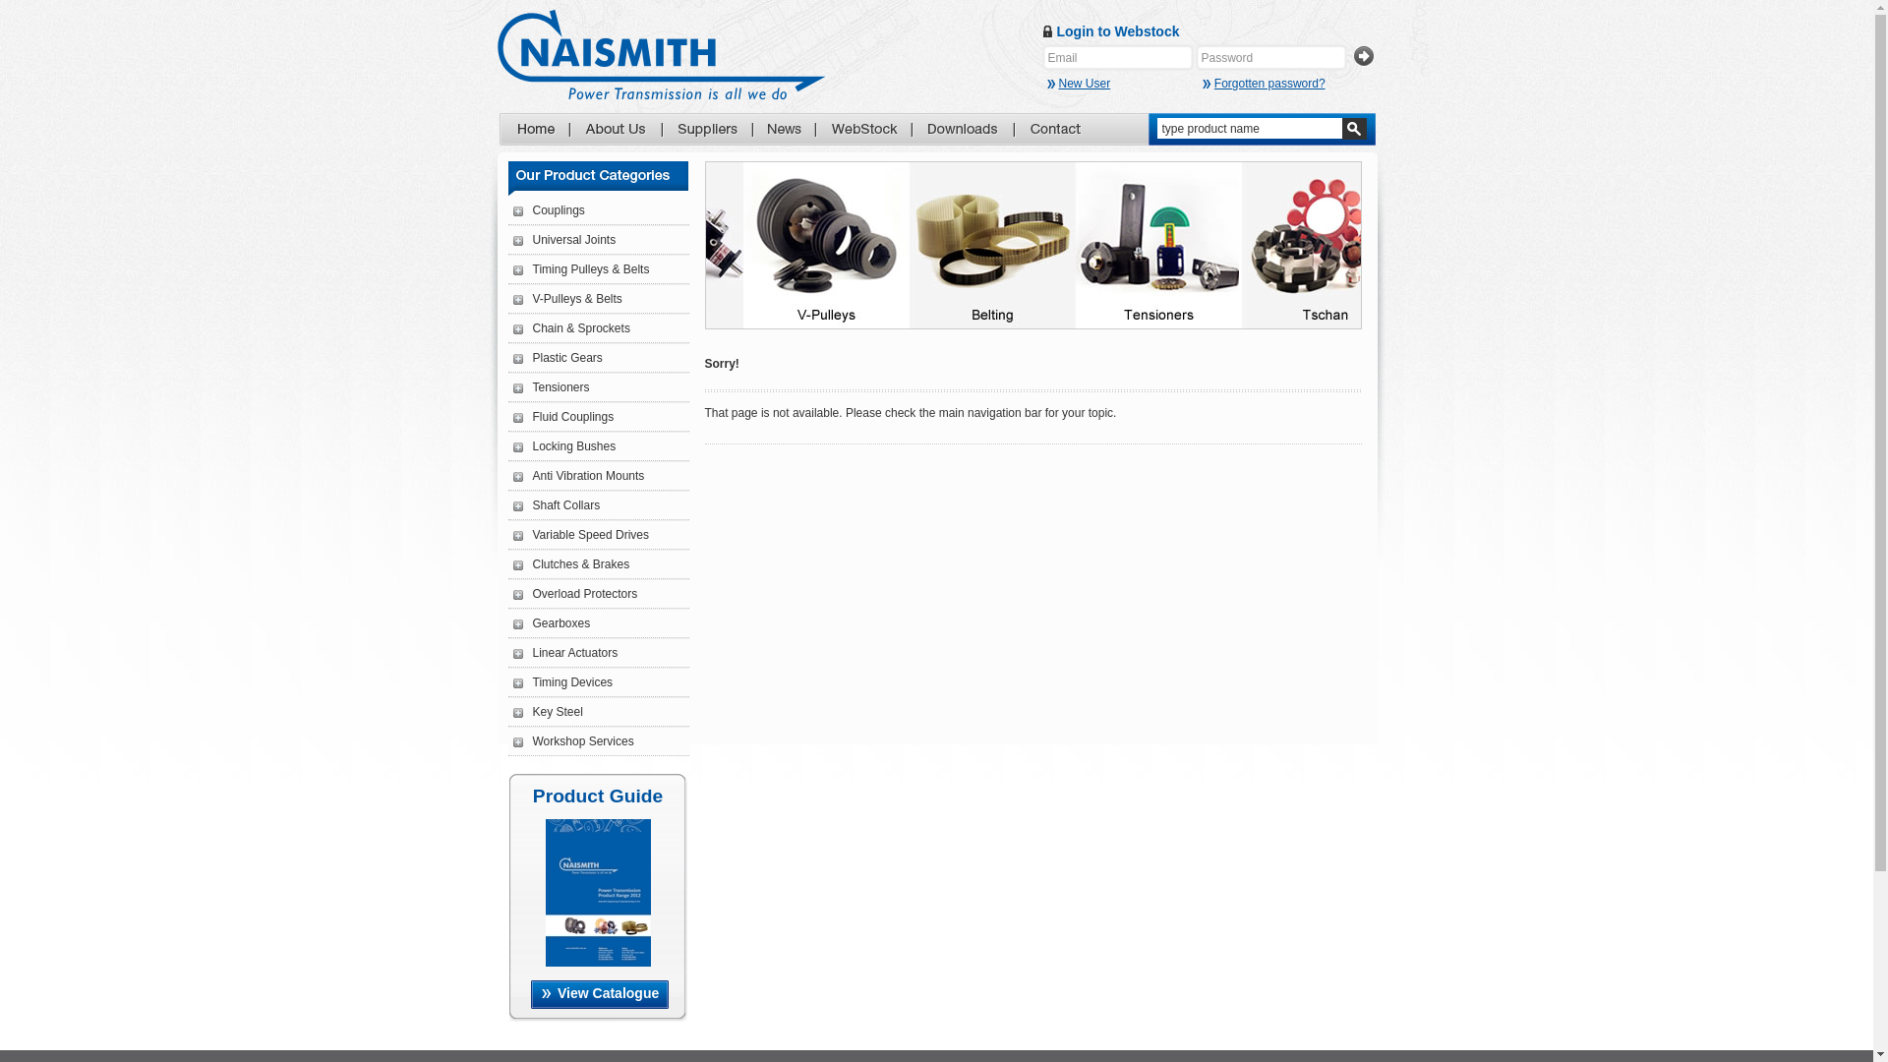  Describe the element at coordinates (572, 740) in the screenshot. I see `'Workshop Services'` at that location.